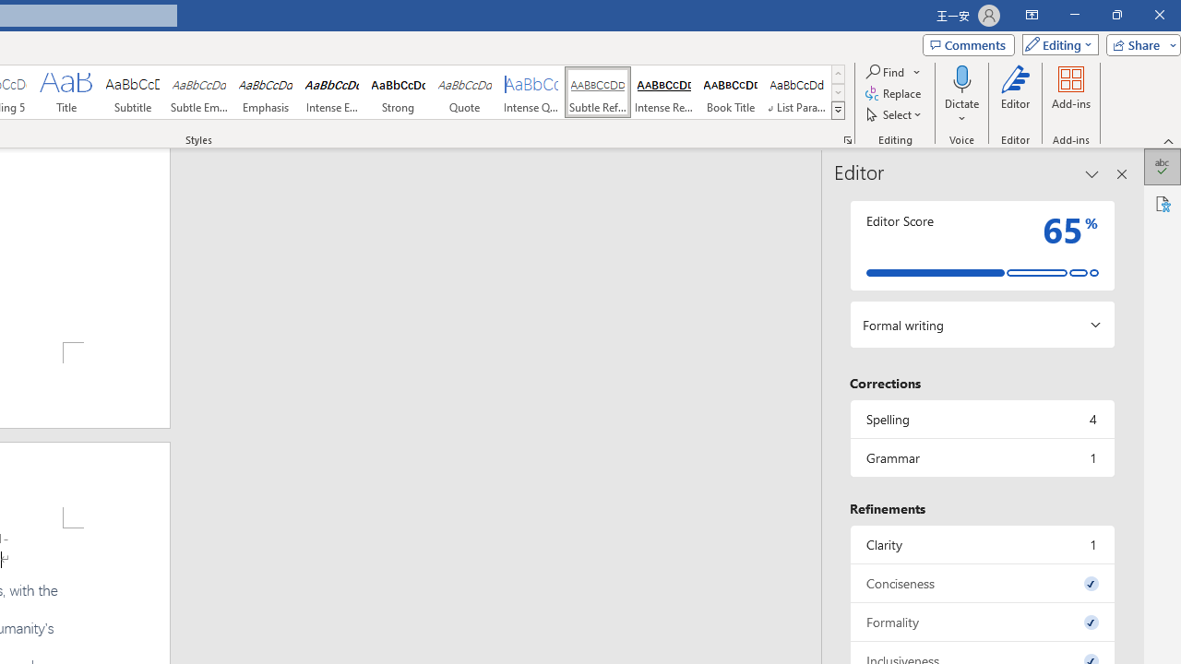 Image resolution: width=1181 pixels, height=664 pixels. I want to click on 'Select', so click(895, 114).